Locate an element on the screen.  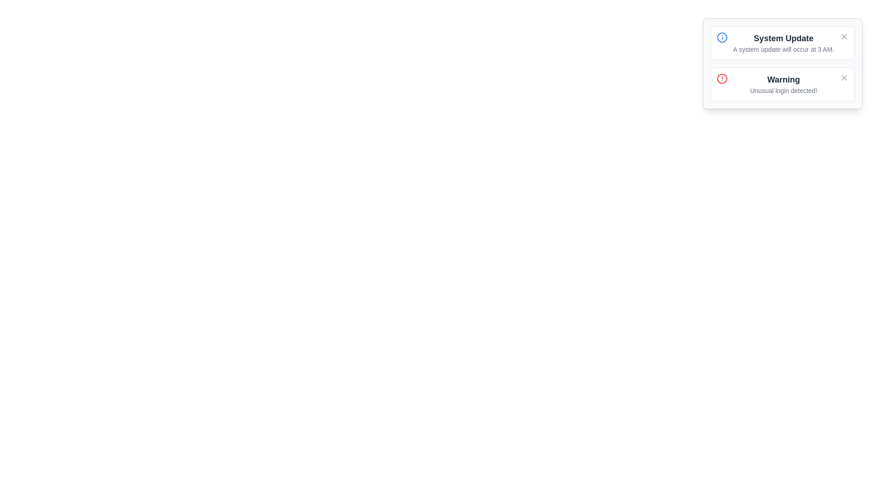
text content of the notification regarding unusual login activity detected, which is located in the second notification below the 'System Update' message is located at coordinates (783, 84).